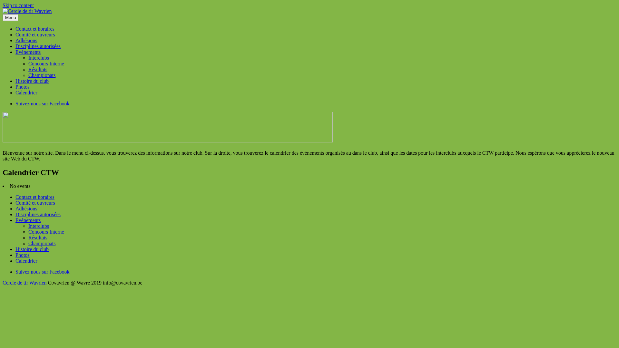 The height and width of the screenshot is (348, 619). Describe the element at coordinates (32, 81) in the screenshot. I see `'Histoire du club'` at that location.